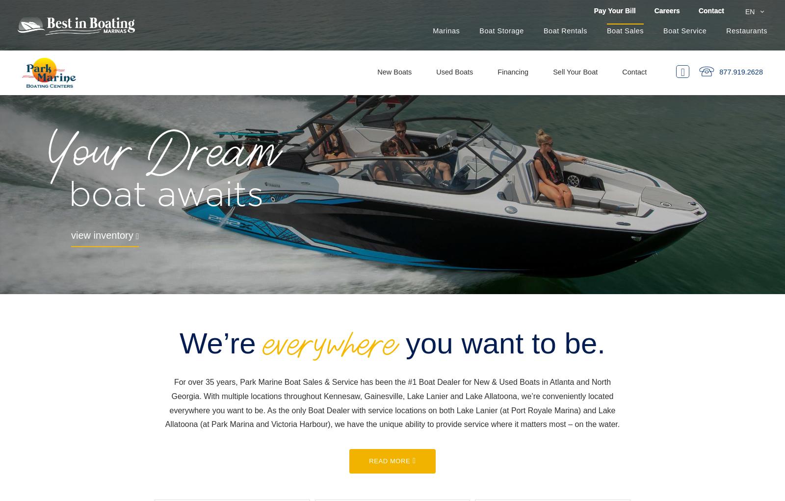 This screenshot has width=785, height=501. What do you see at coordinates (684, 30) in the screenshot?
I see `'Boat Service'` at bounding box center [684, 30].